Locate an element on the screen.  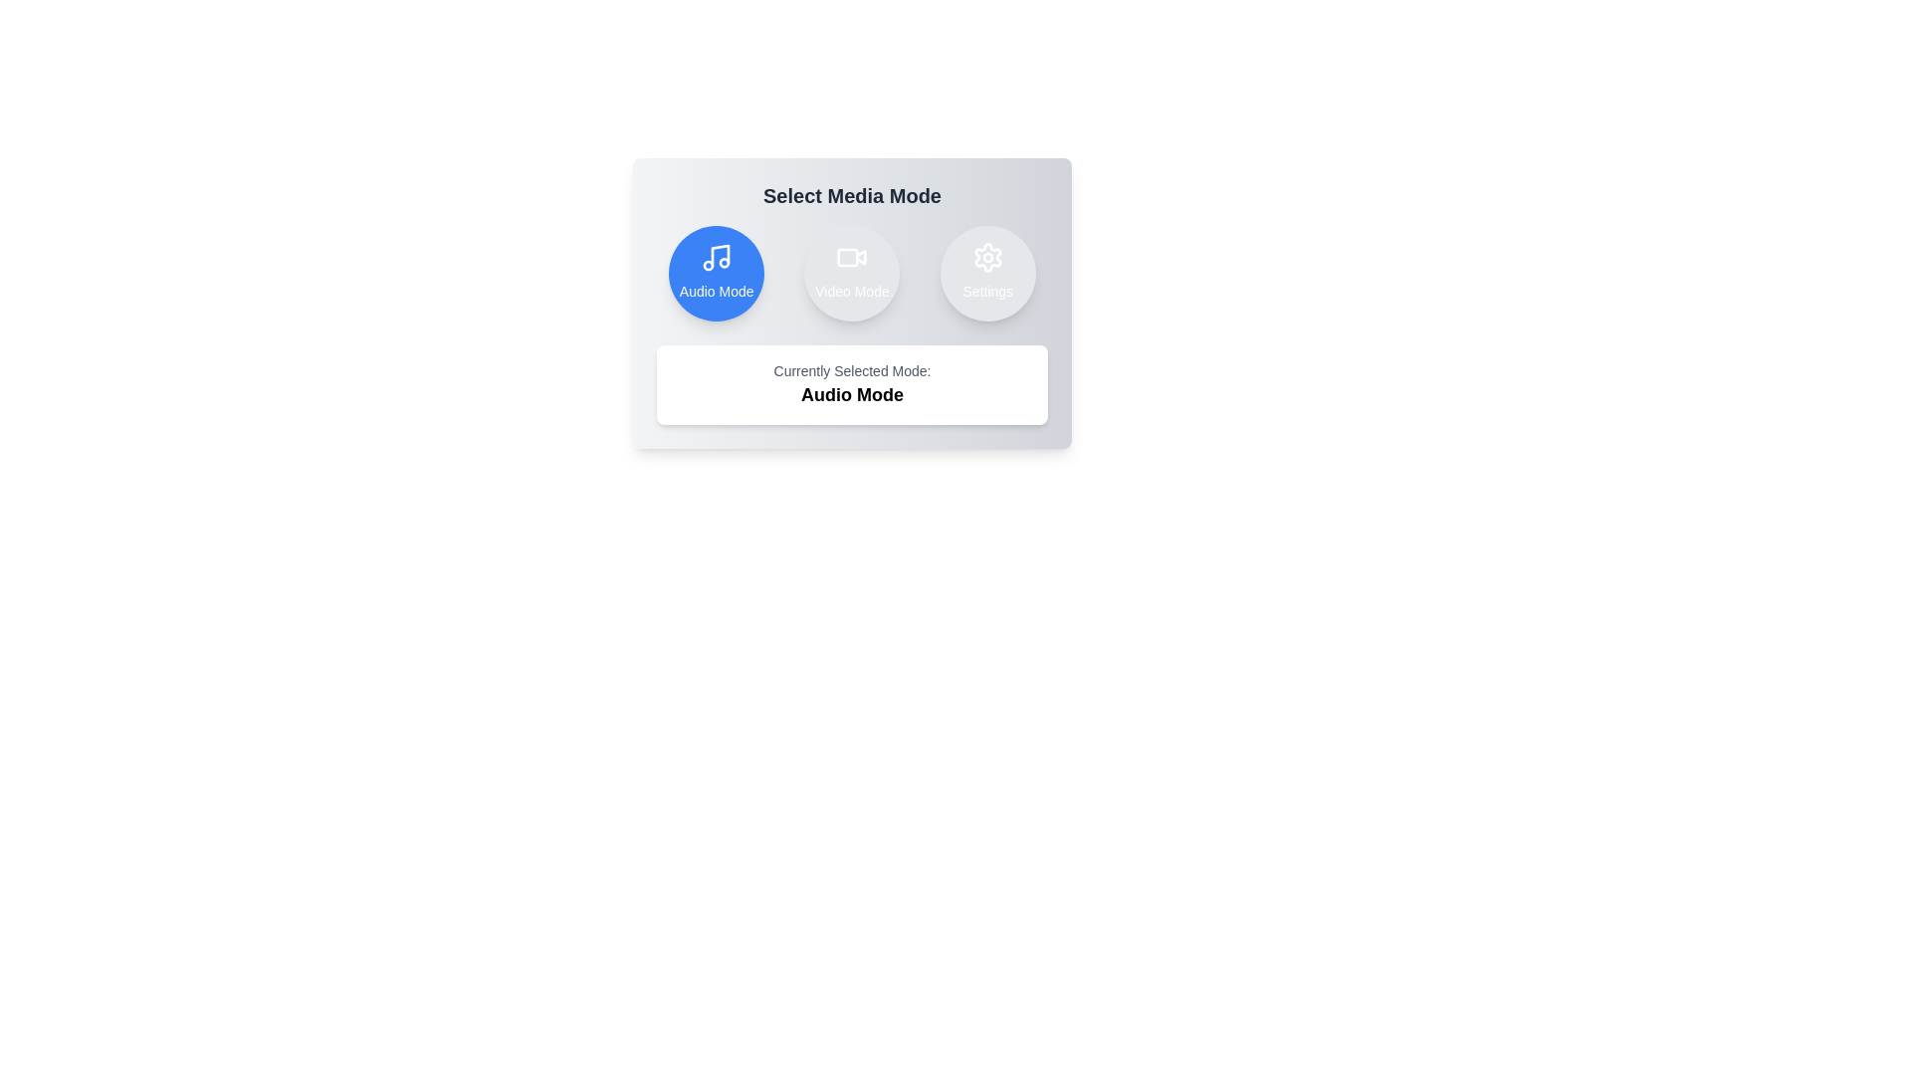
the Audio mode by clicking the respective button is located at coordinates (717, 273).